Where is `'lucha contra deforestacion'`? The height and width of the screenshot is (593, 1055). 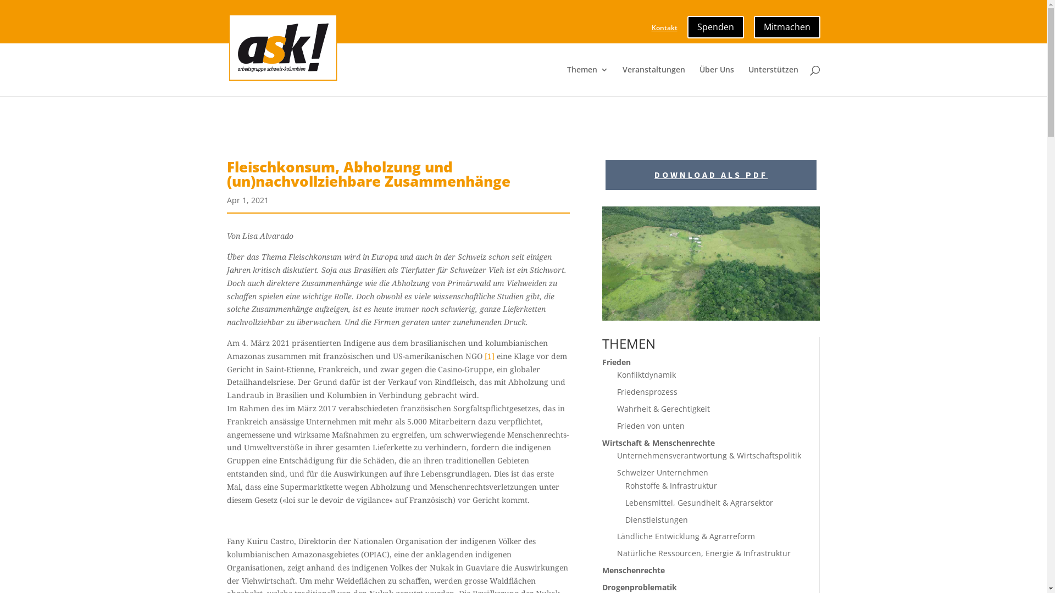
'lucha contra deforestacion' is located at coordinates (711, 263).